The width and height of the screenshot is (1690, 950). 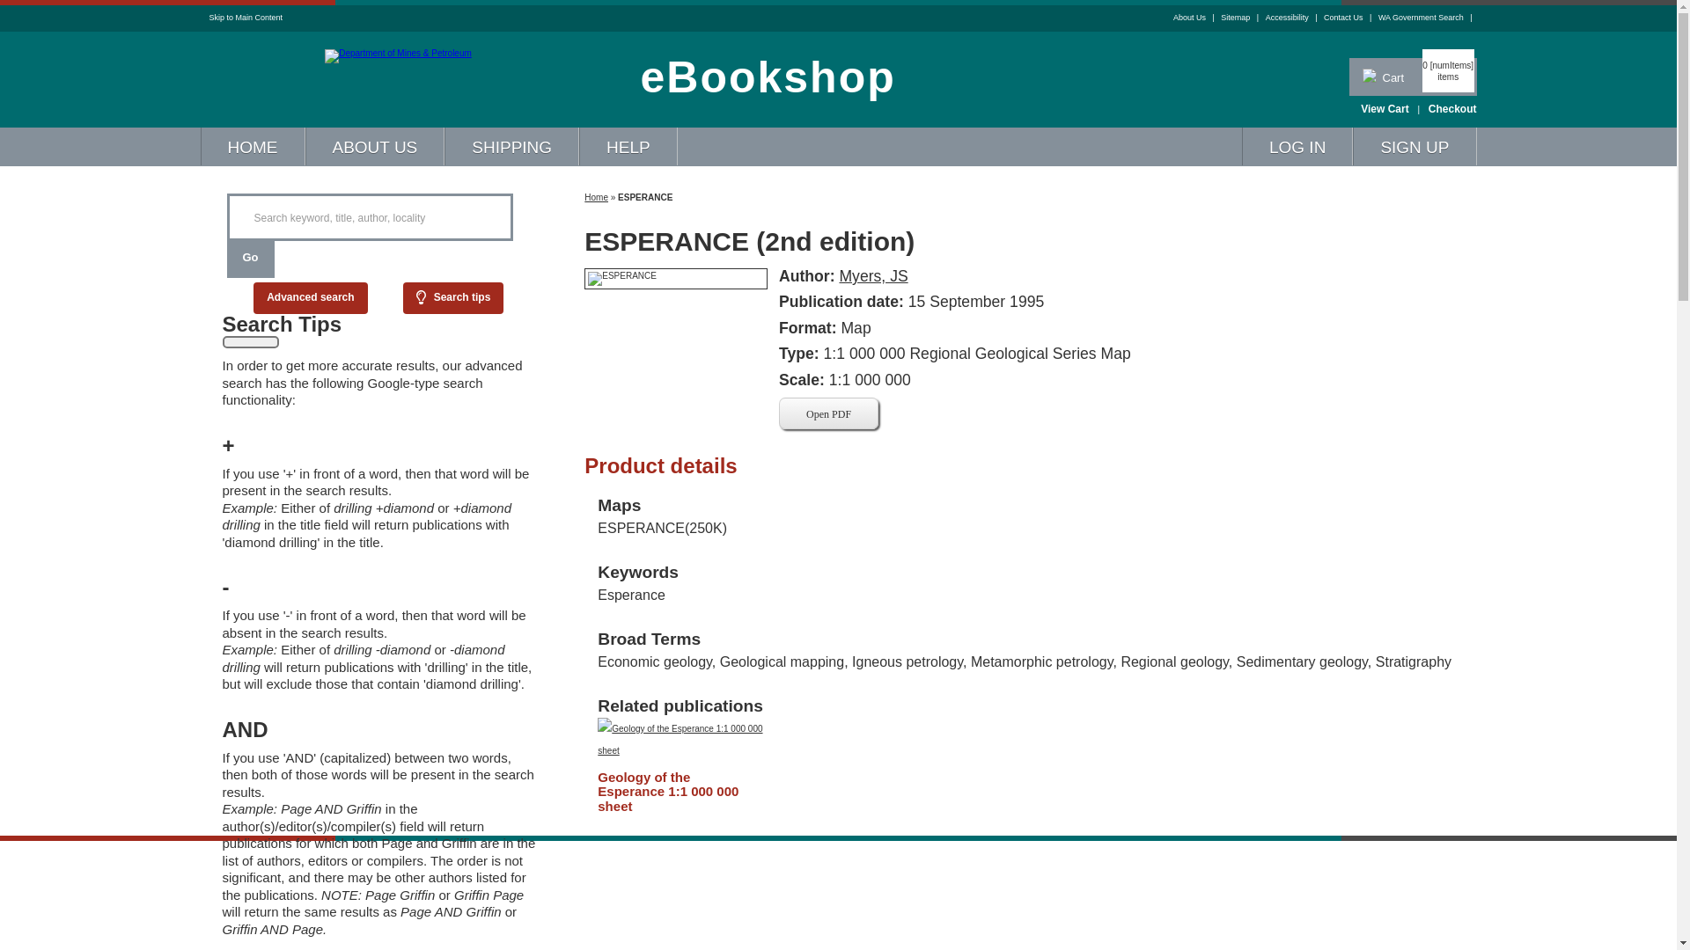 I want to click on 'About Us', so click(x=1173, y=17).